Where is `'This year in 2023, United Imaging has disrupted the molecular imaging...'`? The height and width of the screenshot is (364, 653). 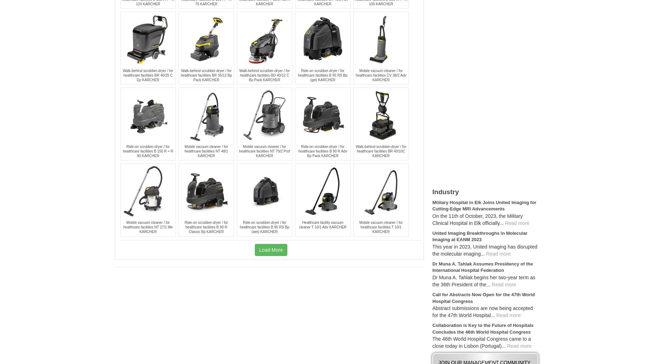
'This year in 2023, United Imaging has disrupted the molecular imaging...' is located at coordinates (484, 250).